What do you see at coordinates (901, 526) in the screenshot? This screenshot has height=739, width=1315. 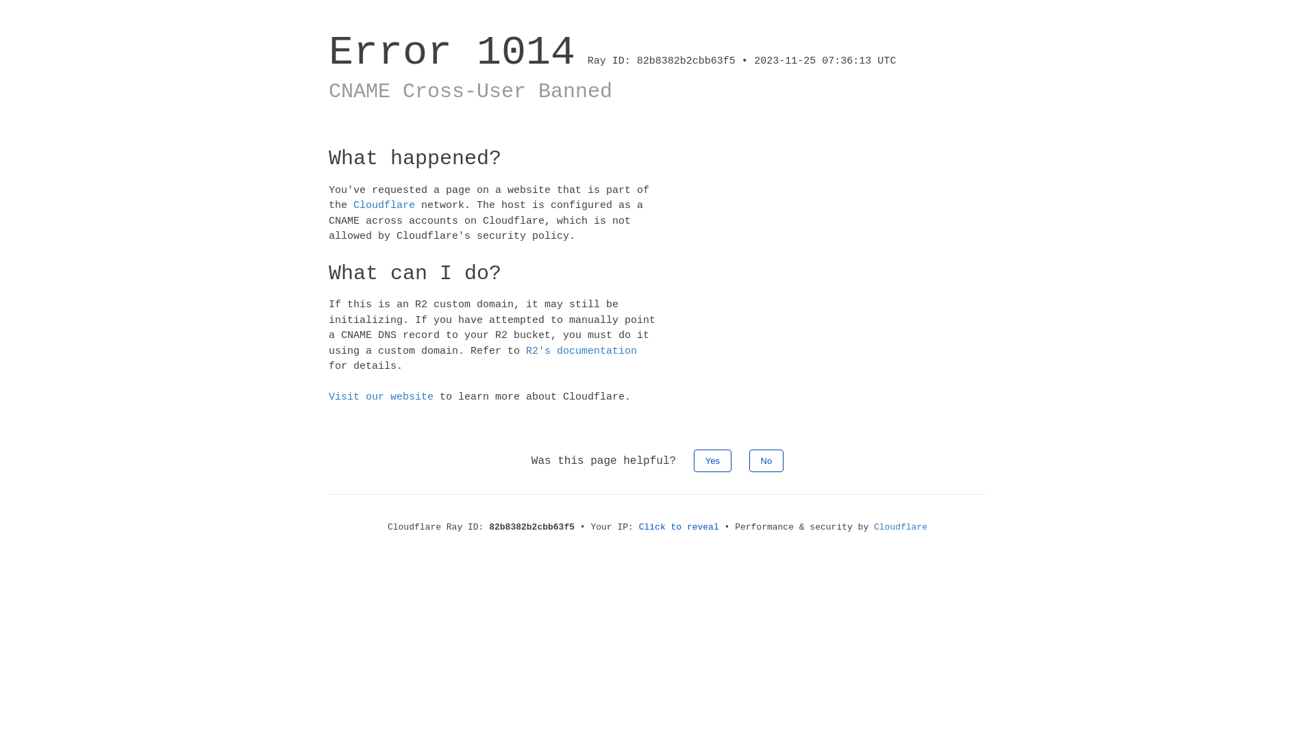 I see `'Cloudflare'` at bounding box center [901, 526].